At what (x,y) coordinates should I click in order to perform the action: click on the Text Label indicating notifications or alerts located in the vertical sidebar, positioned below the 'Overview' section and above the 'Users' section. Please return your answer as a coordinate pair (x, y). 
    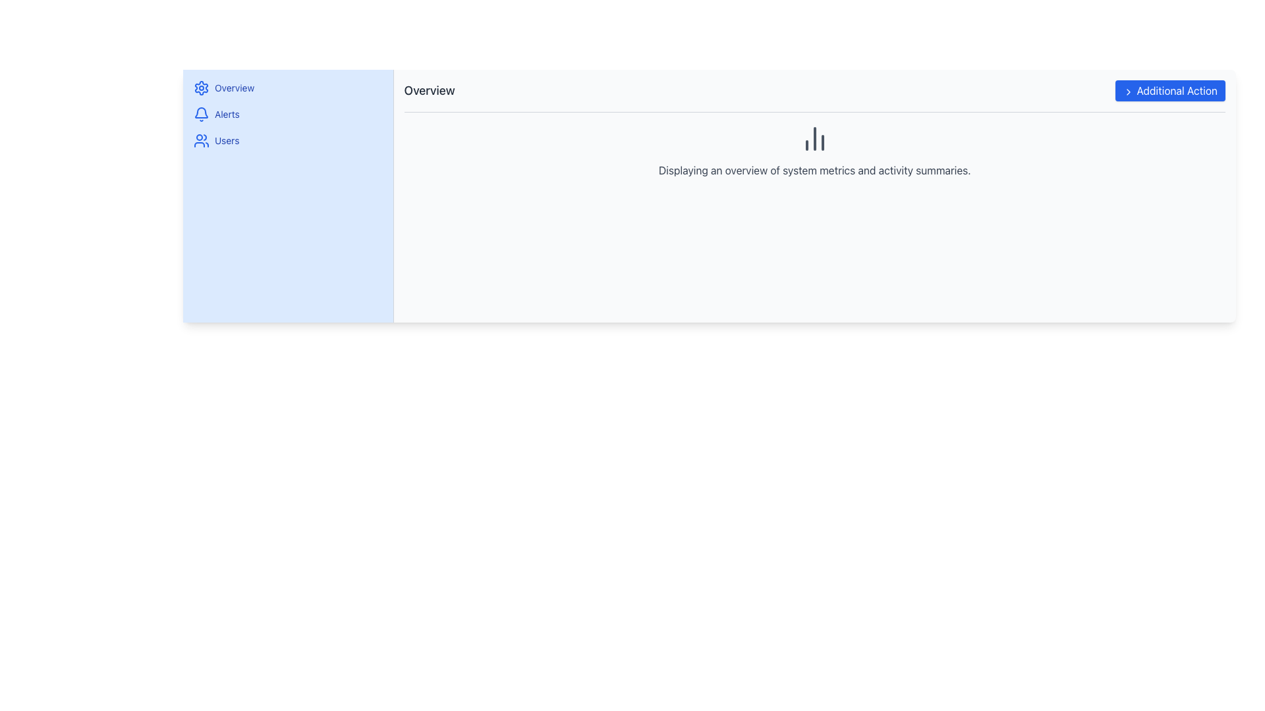
    Looking at the image, I should click on (227, 113).